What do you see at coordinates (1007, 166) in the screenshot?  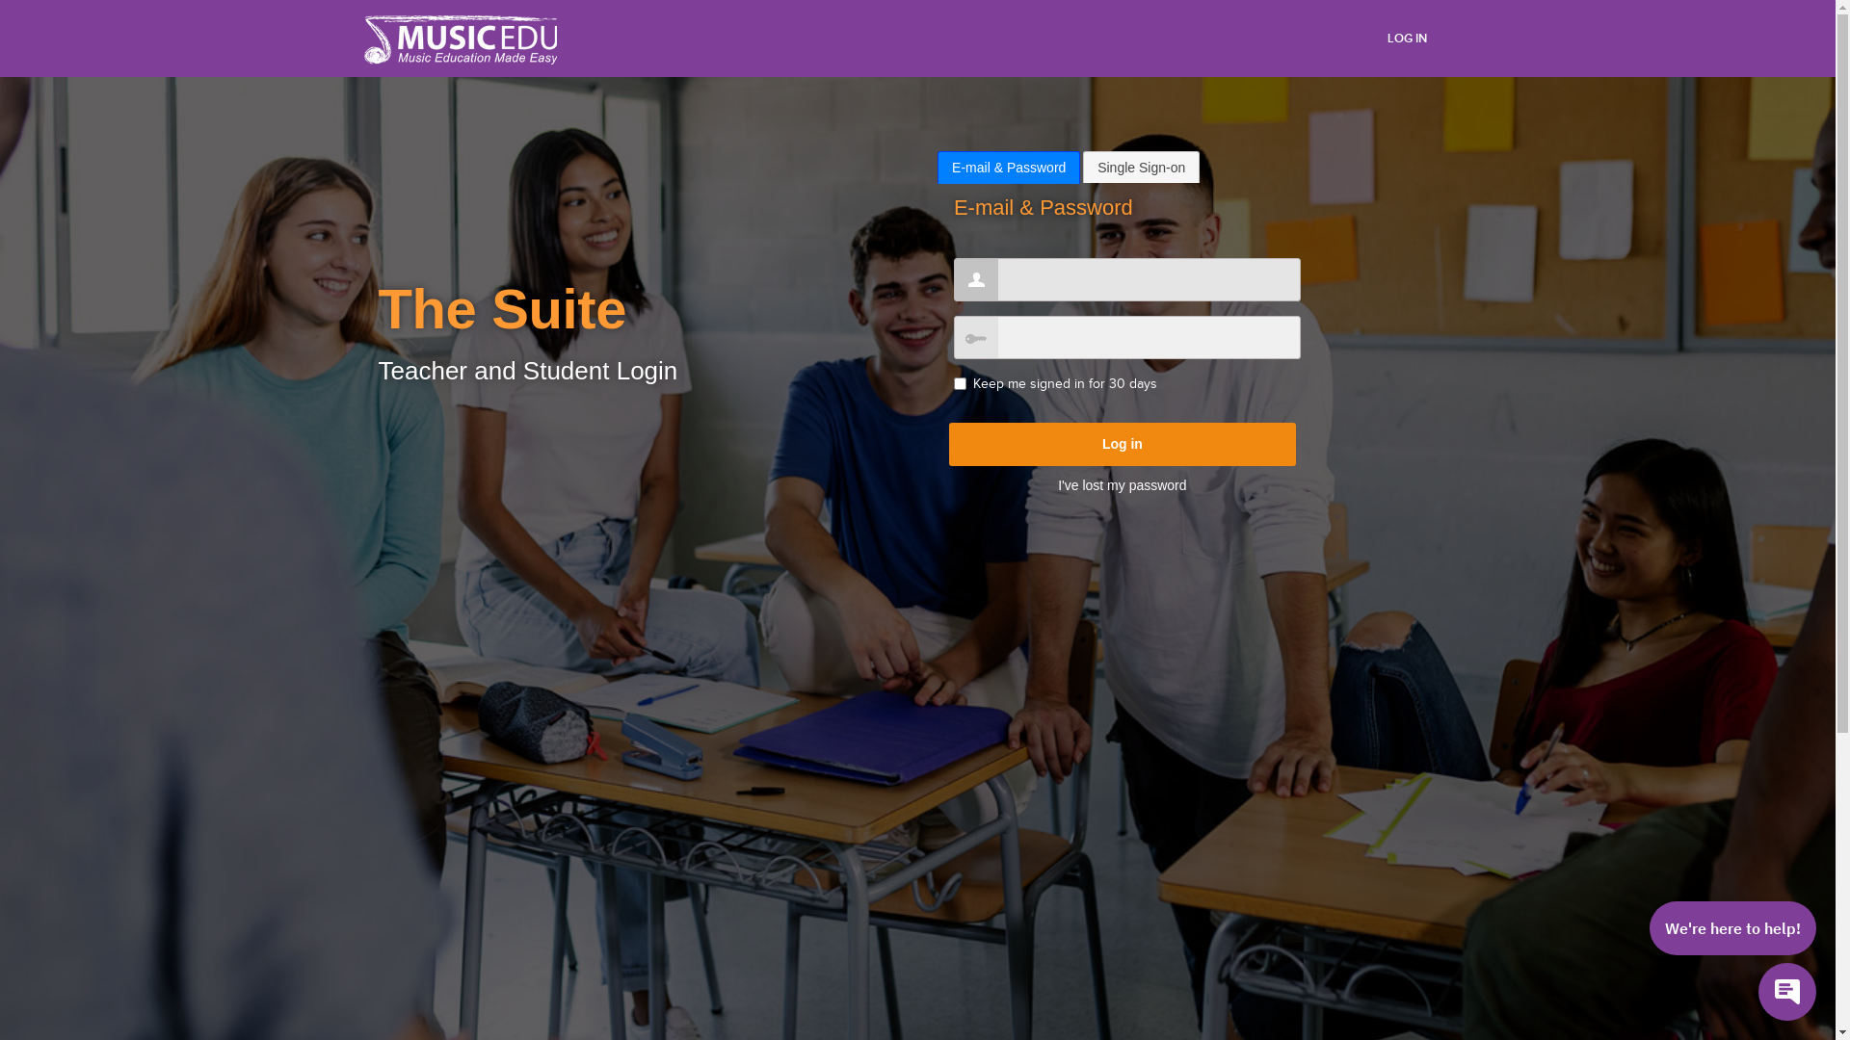 I see `'E-mail & Password'` at bounding box center [1007, 166].